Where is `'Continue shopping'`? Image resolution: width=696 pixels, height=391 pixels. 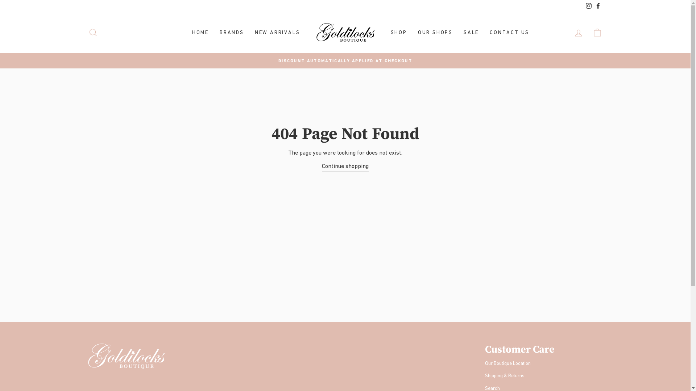 'Continue shopping' is located at coordinates (345, 166).